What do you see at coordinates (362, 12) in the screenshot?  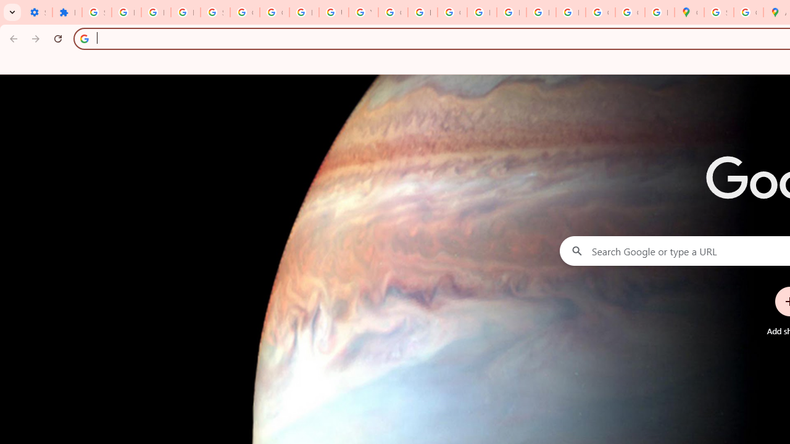 I see `'YouTube'` at bounding box center [362, 12].